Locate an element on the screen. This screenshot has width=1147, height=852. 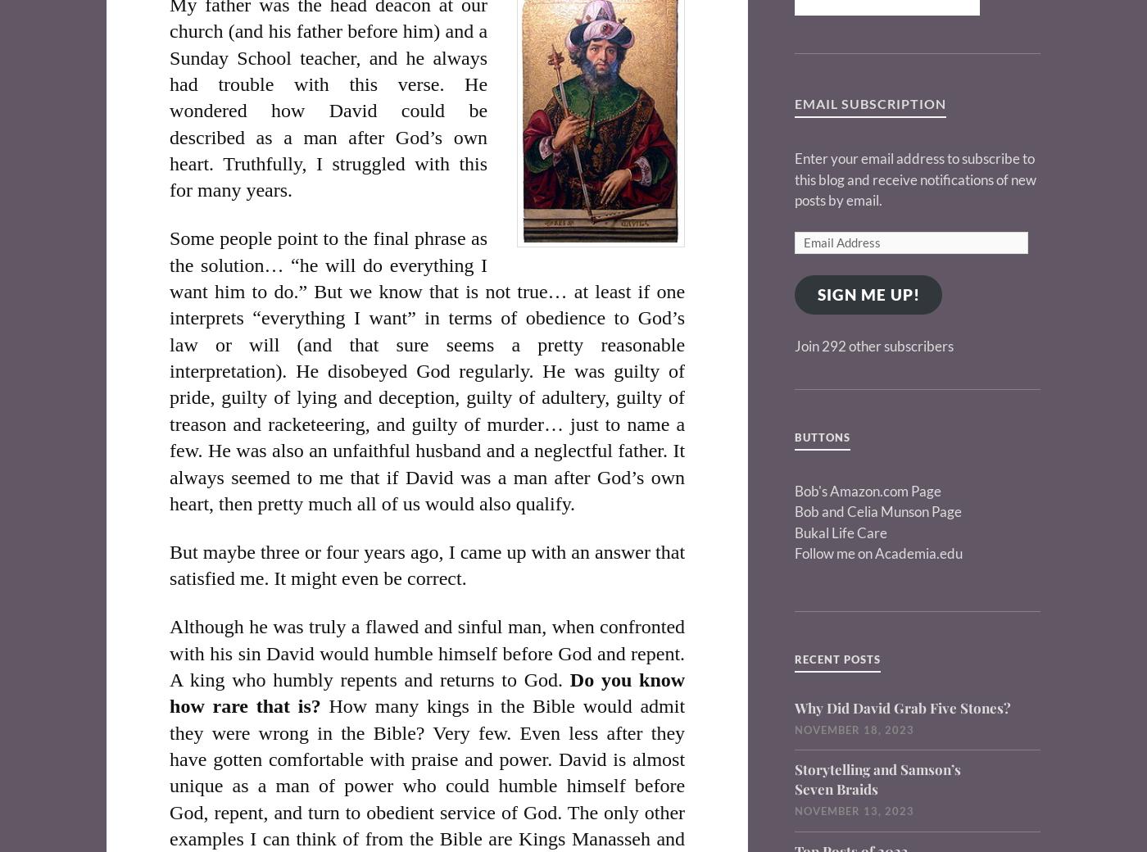
'Follow me on Academia.edu' is located at coordinates (878, 553).